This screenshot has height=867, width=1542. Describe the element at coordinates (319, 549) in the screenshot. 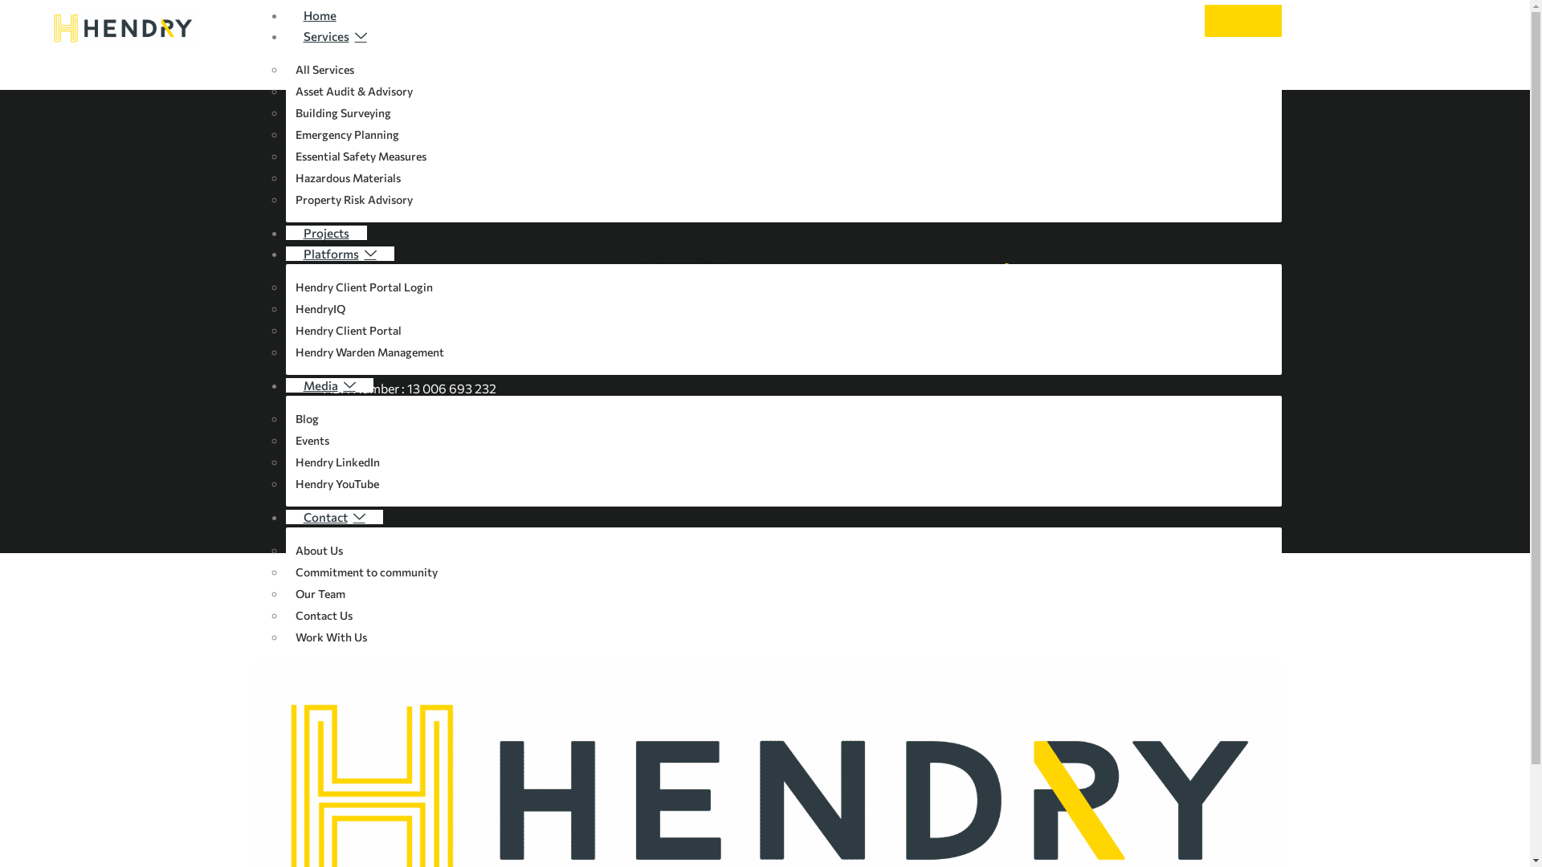

I see `'About Us'` at that location.